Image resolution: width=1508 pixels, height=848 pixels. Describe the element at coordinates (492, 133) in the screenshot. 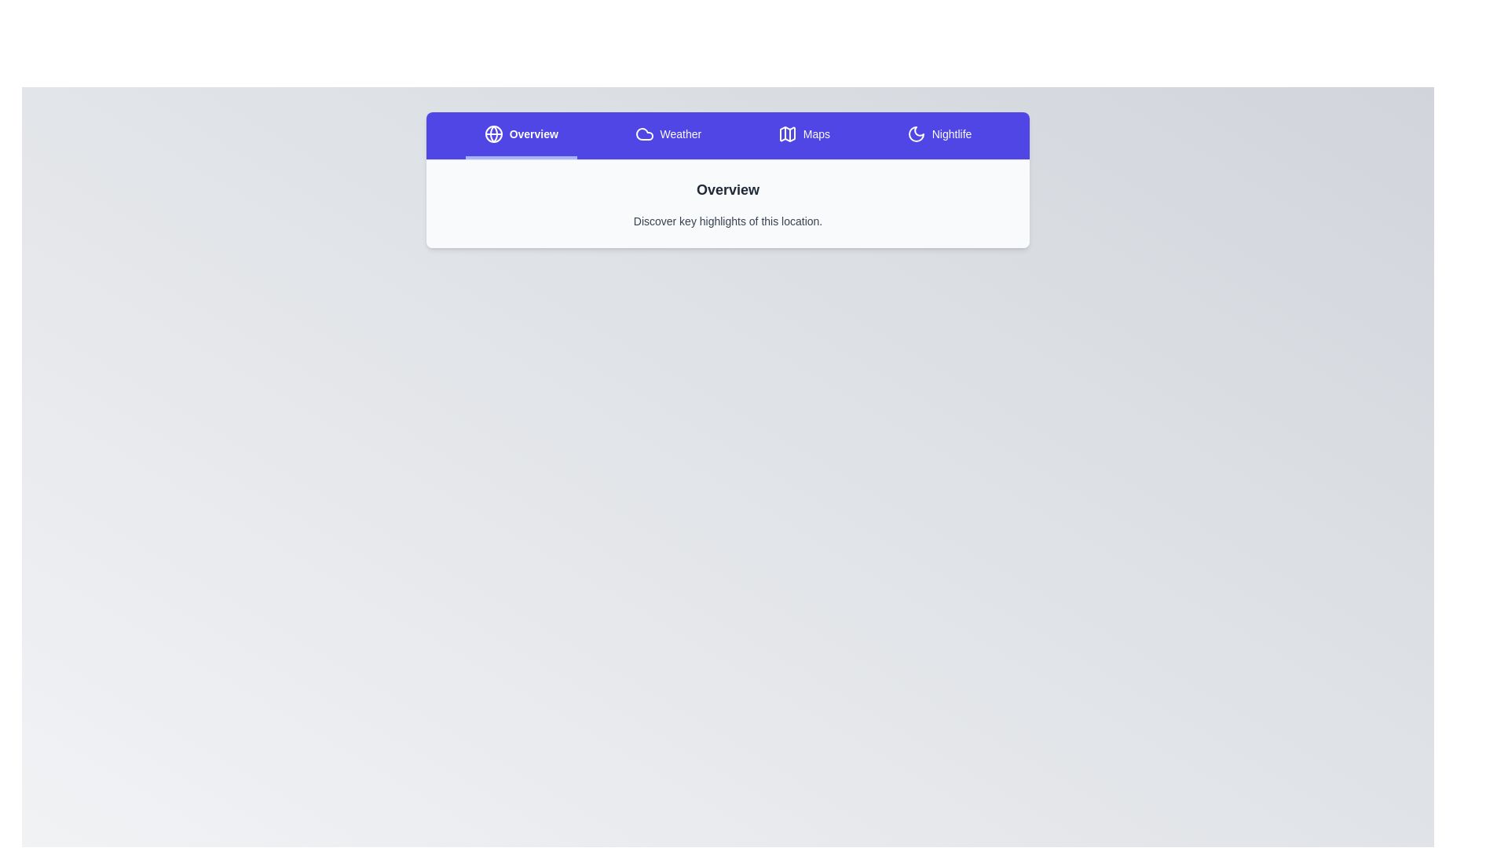

I see `the icon of the Overview tab` at that location.